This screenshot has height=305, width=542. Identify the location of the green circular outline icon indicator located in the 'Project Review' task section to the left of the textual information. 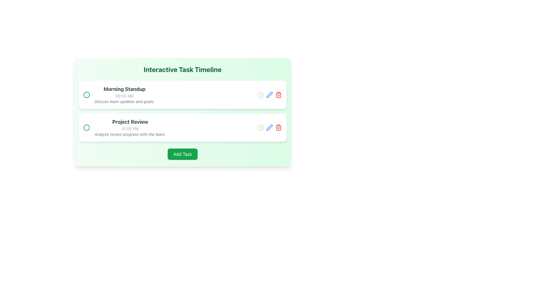
(86, 127).